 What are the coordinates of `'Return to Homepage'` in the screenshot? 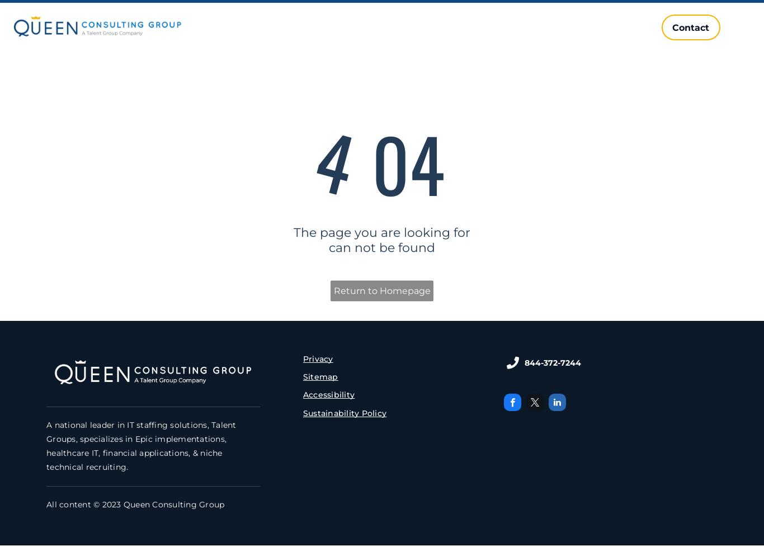 It's located at (381, 291).